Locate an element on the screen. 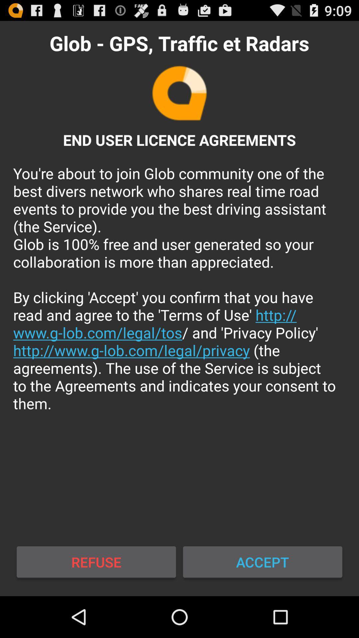 The width and height of the screenshot is (359, 638). the button next to the accept is located at coordinates (96, 562).